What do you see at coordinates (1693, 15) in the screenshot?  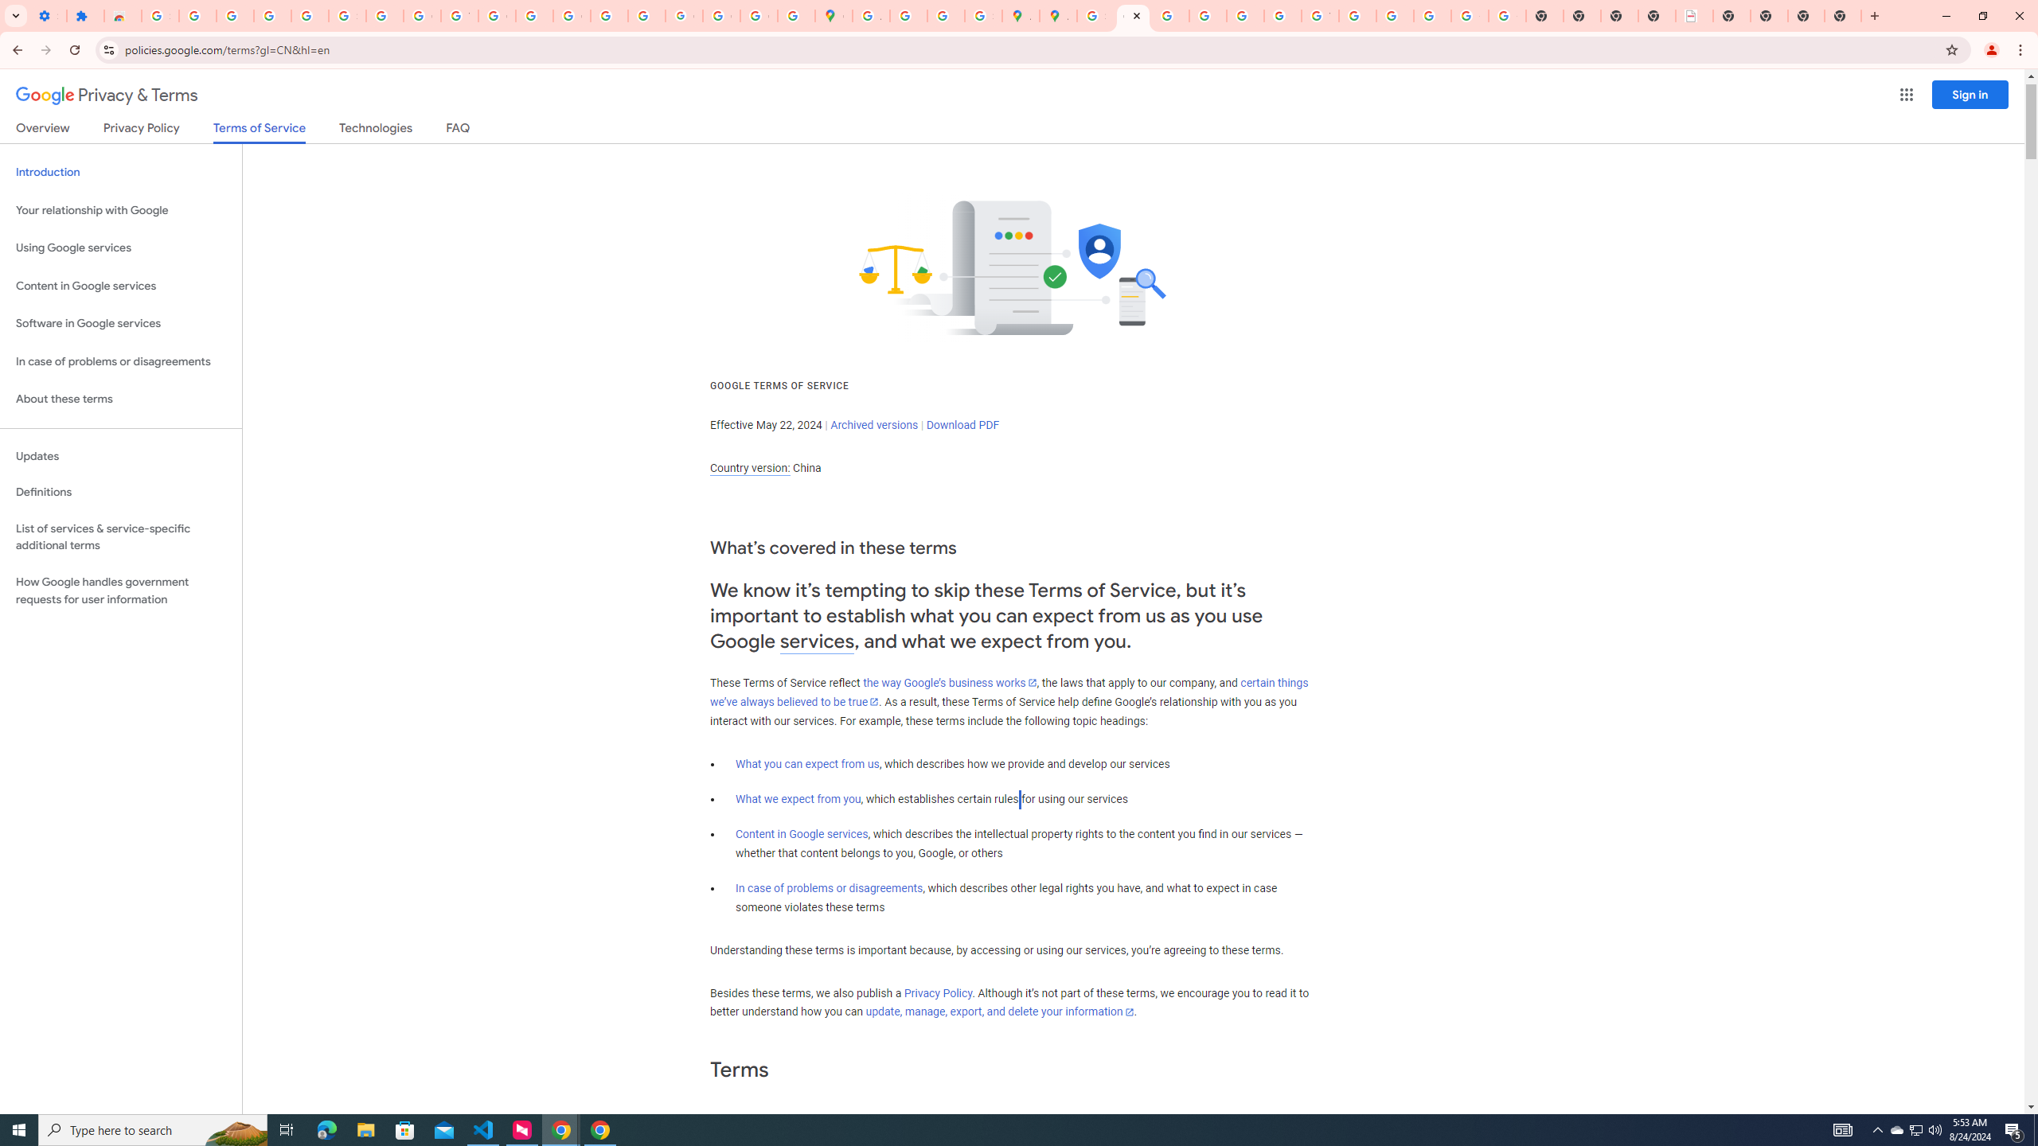 I see `'LAAD Defence & Security 2025 | BAE Systems'` at bounding box center [1693, 15].